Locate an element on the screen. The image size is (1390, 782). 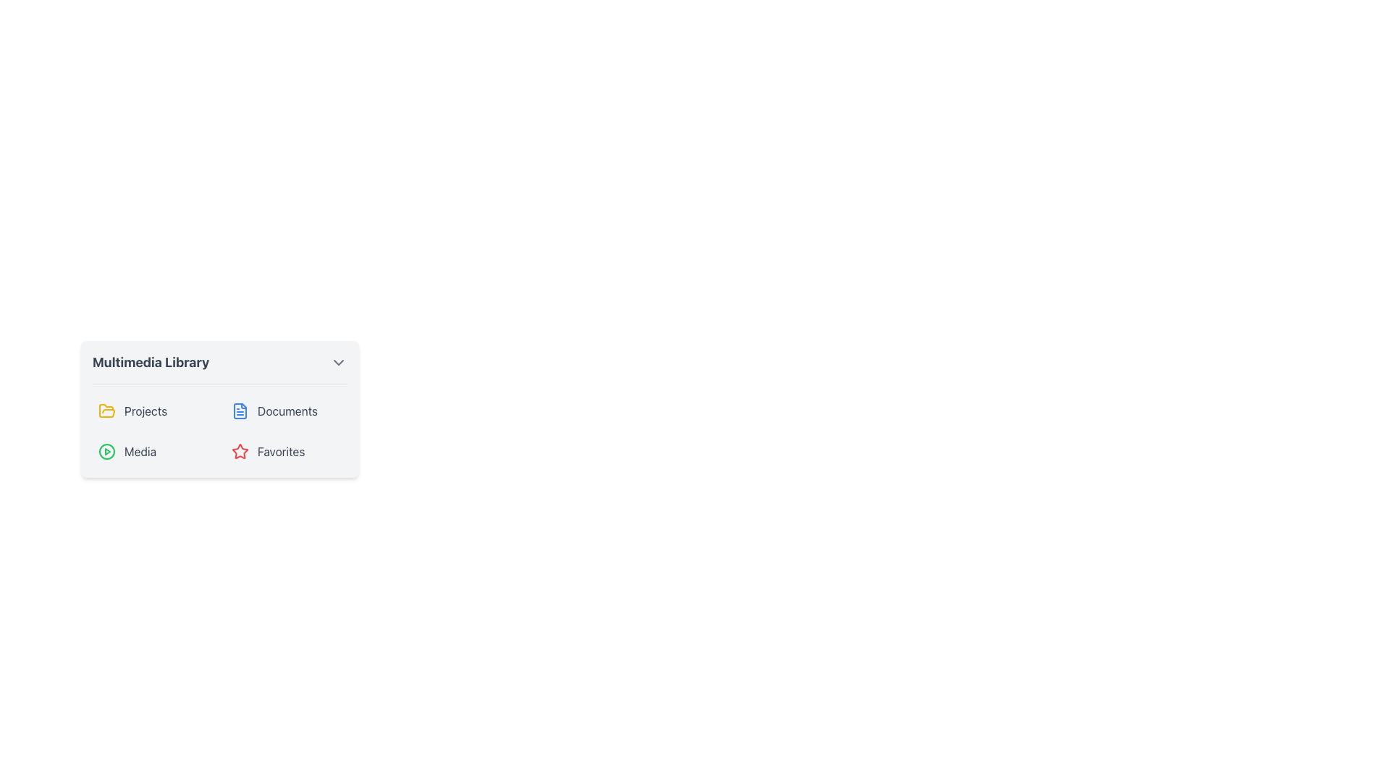
the 'Favorites' button-like text item in the Multimedia Library is located at coordinates (286, 451).